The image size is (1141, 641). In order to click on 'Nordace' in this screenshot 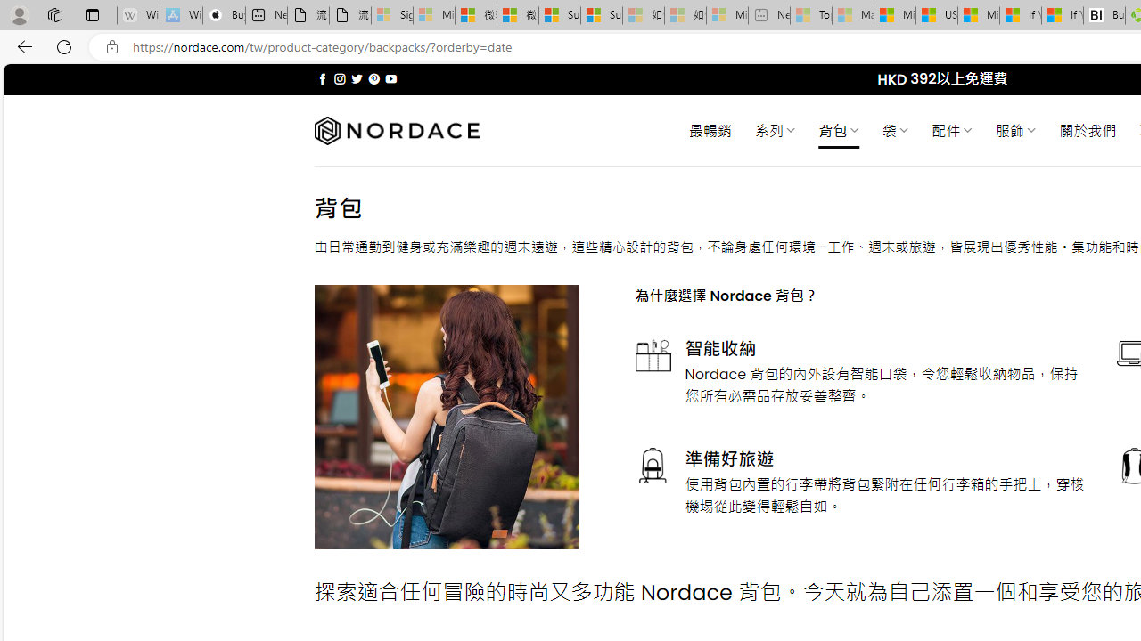, I will do `click(395, 130)`.